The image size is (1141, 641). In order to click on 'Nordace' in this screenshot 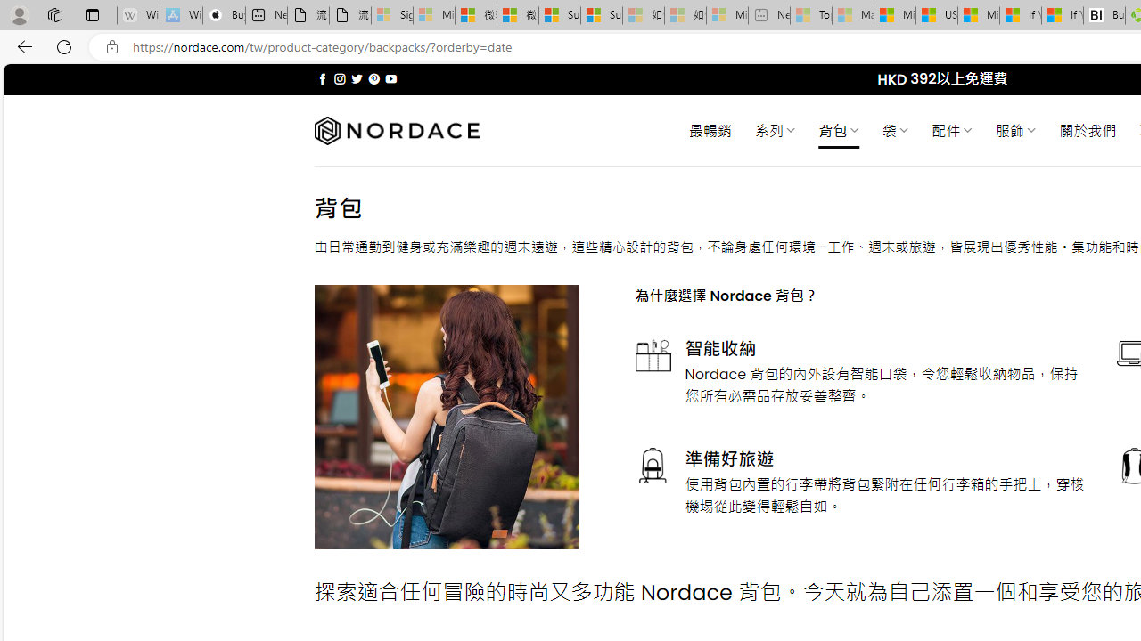, I will do `click(395, 130)`.